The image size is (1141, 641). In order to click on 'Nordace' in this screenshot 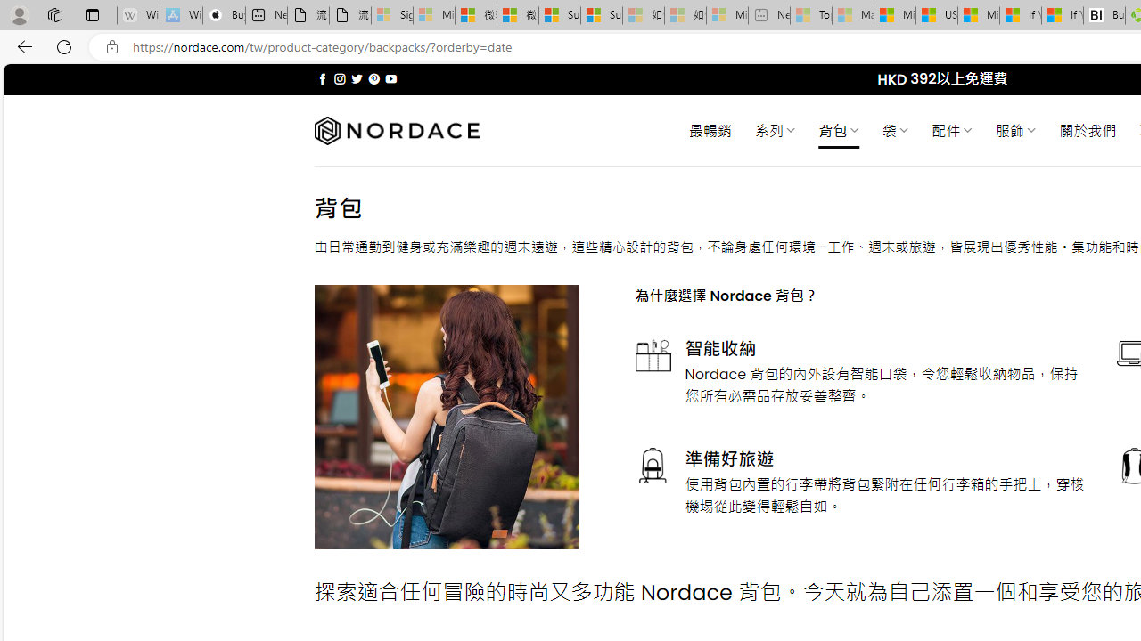, I will do `click(395, 130)`.